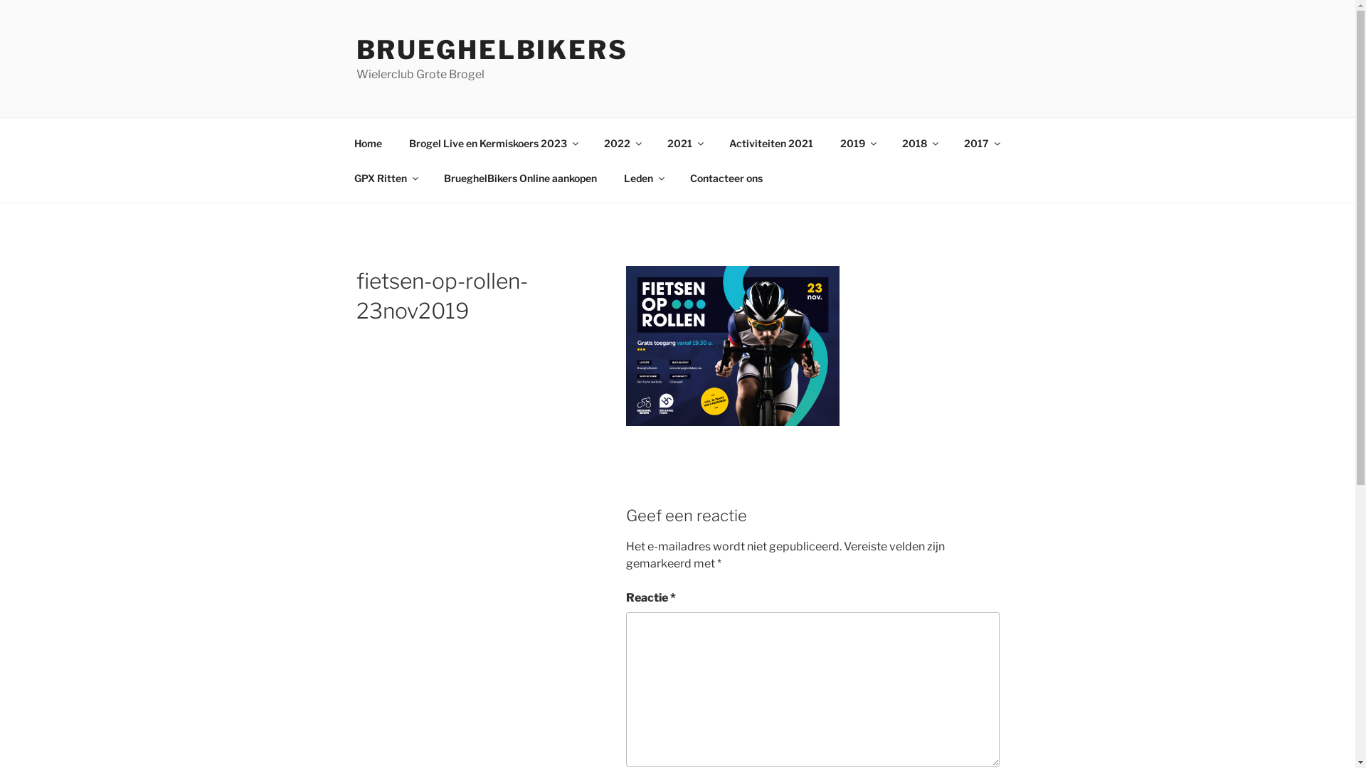 The image size is (1366, 768). What do you see at coordinates (918, 142) in the screenshot?
I see `'2018'` at bounding box center [918, 142].